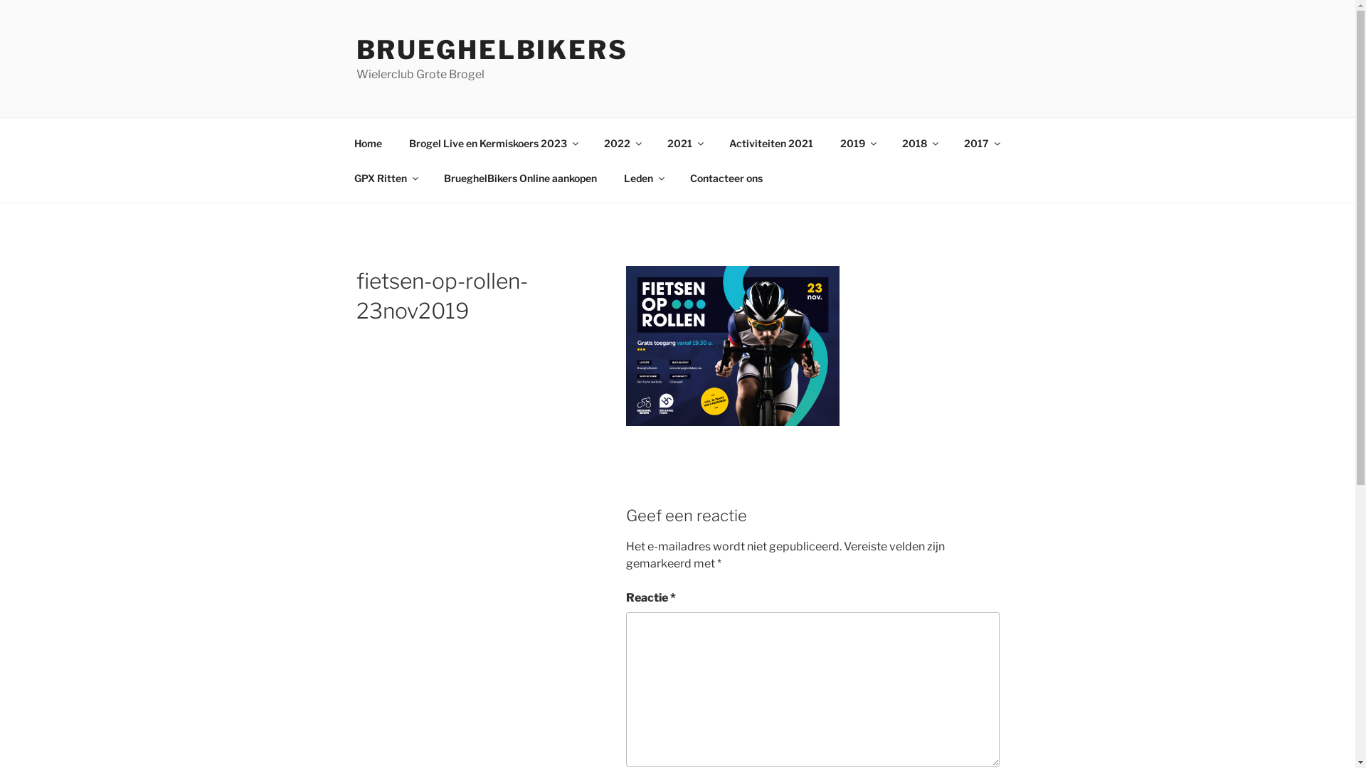 The image size is (1366, 768). What do you see at coordinates (918, 142) in the screenshot?
I see `'2018'` at bounding box center [918, 142].